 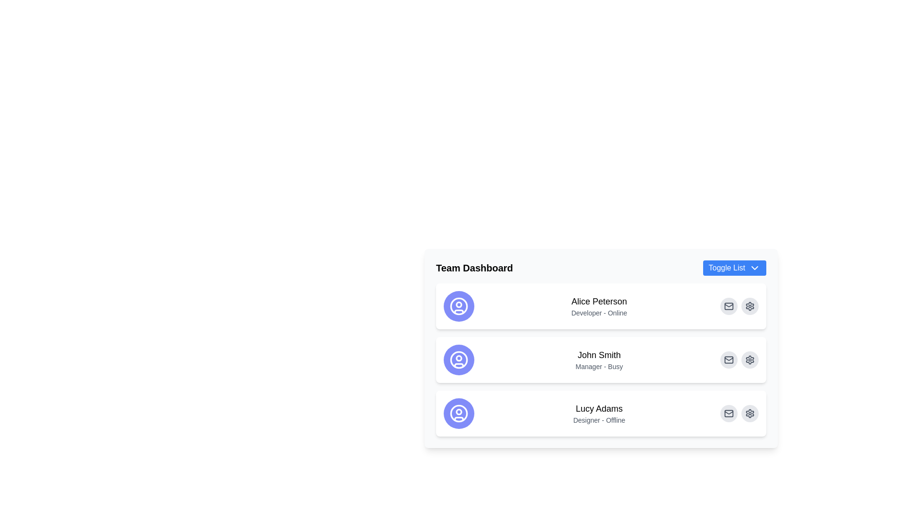 What do you see at coordinates (459, 304) in the screenshot?
I see `the decorative graphical element that is part of the user's avatar representation, located slightly above the center of the main circle` at bounding box center [459, 304].